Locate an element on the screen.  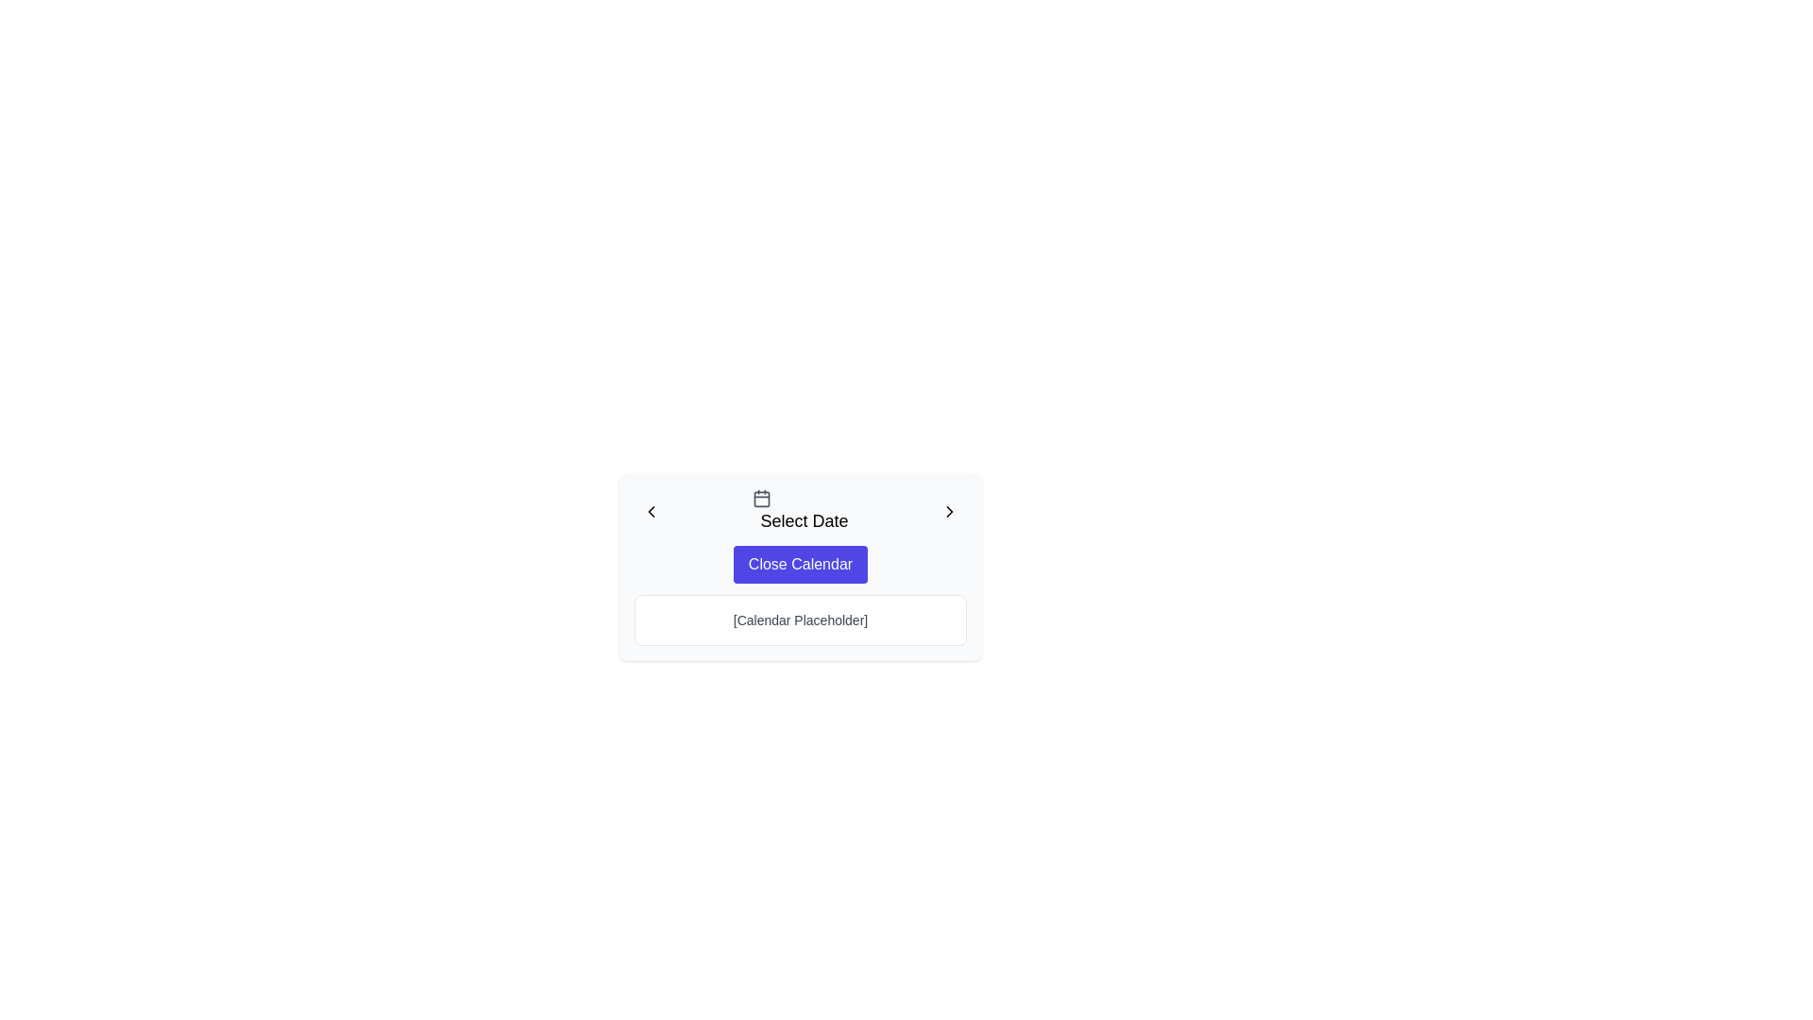
the calendar icon, which has a gray-colored outline and is located at the center top of a modal is located at coordinates (762, 498).